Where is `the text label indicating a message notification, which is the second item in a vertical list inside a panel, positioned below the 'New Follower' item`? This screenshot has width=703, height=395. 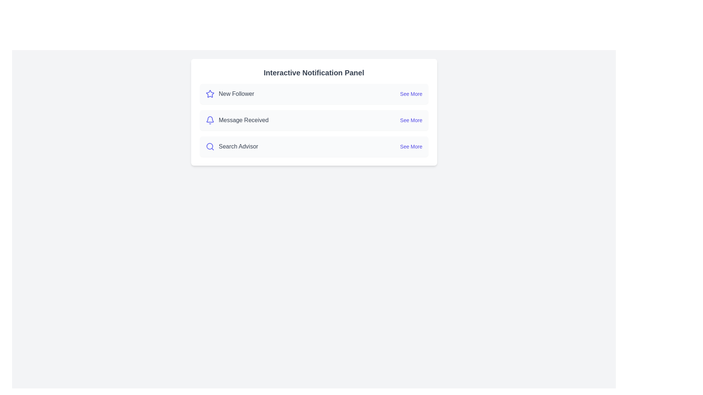
the text label indicating a message notification, which is the second item in a vertical list inside a panel, positioned below the 'New Follower' item is located at coordinates (243, 120).